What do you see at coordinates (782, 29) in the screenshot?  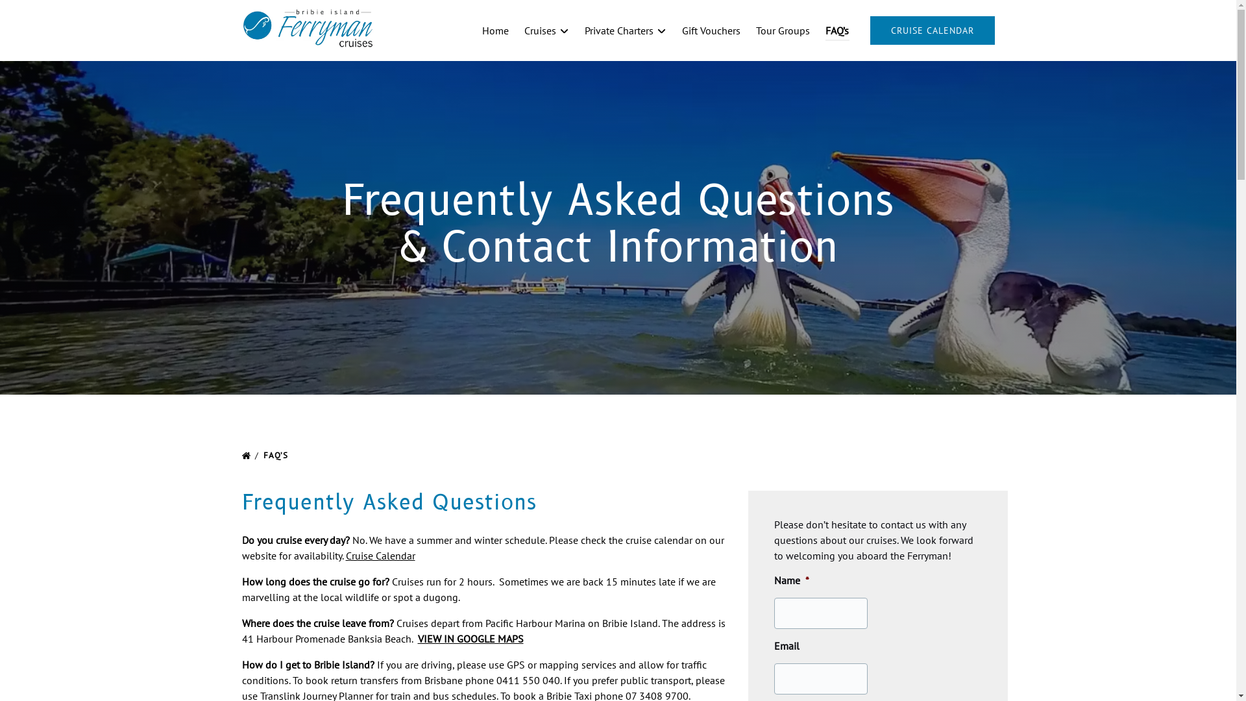 I see `'Tour Groups'` at bounding box center [782, 29].